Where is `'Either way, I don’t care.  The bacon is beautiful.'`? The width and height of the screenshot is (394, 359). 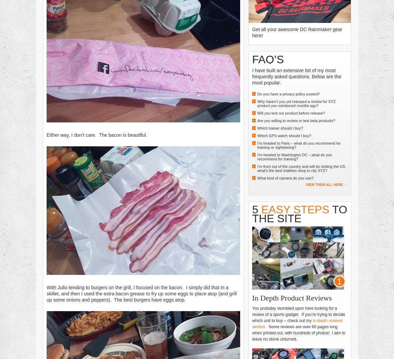
'Either way, I don’t care.  The bacon is beautiful.' is located at coordinates (46, 134).